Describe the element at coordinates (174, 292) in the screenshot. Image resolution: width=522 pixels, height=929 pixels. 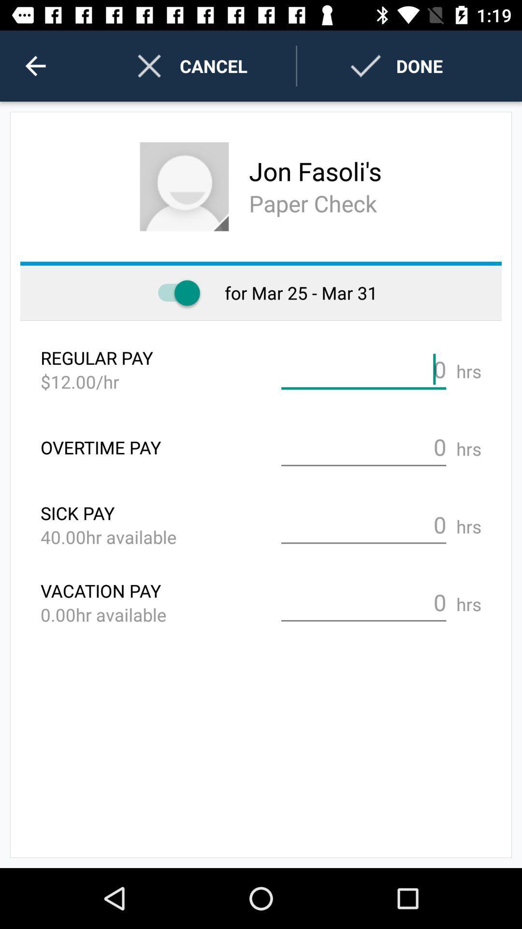
I see `week` at that location.